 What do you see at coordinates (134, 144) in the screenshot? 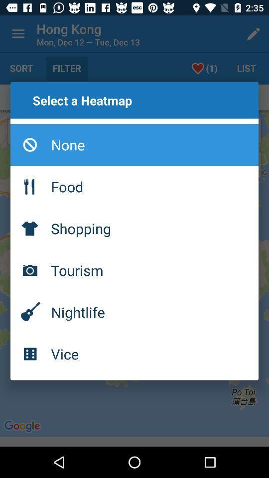
I see `item at the top` at bounding box center [134, 144].